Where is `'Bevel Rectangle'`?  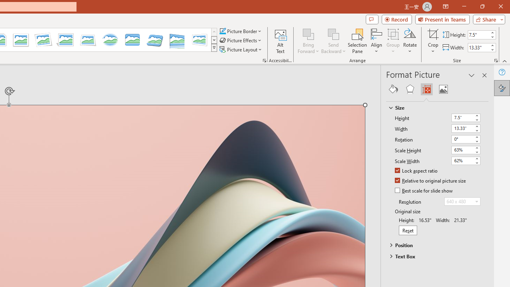
'Bevel Rectangle' is located at coordinates (132, 40).